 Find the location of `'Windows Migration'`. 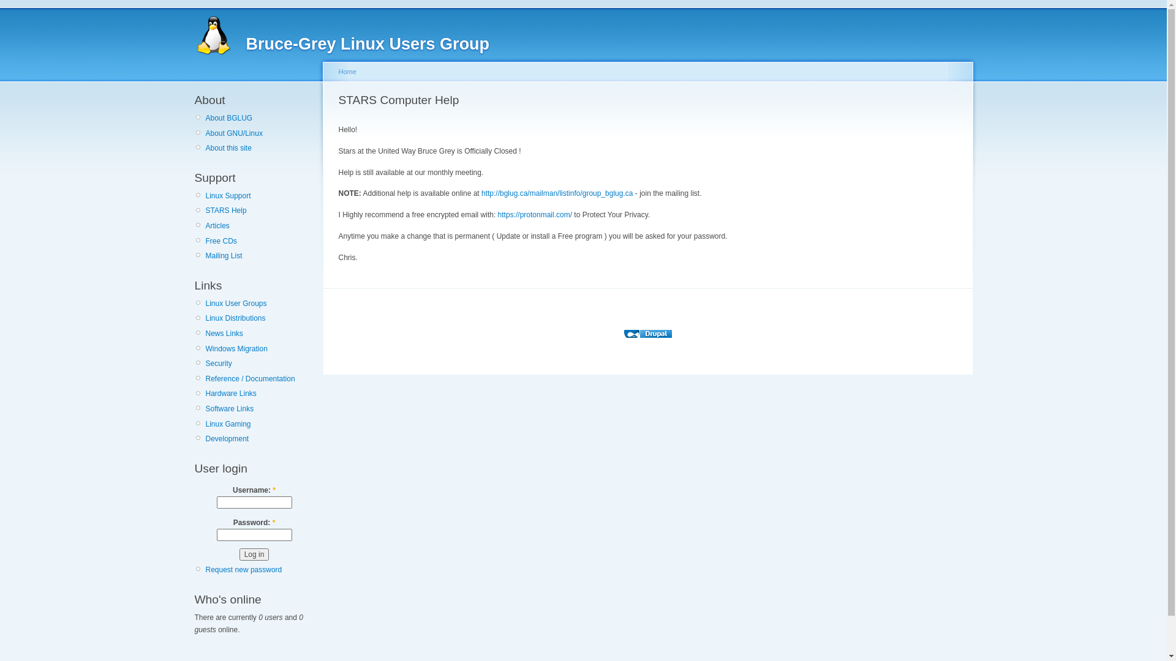

'Windows Migration' is located at coordinates (259, 349).